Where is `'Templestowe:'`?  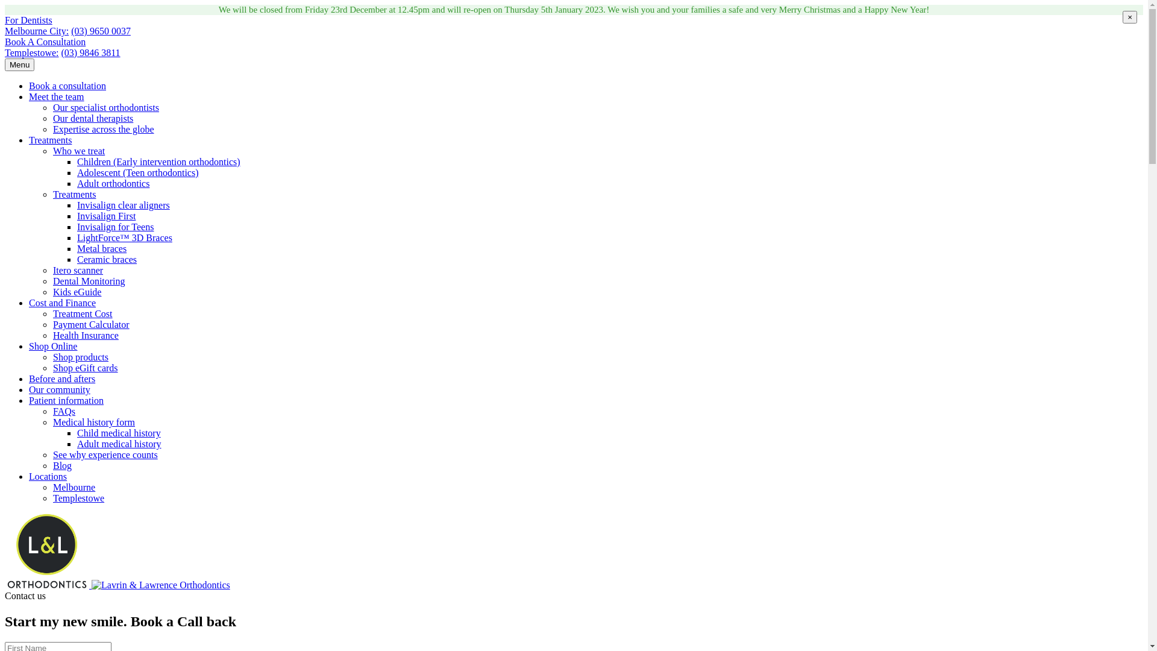 'Templestowe:' is located at coordinates (31, 52).